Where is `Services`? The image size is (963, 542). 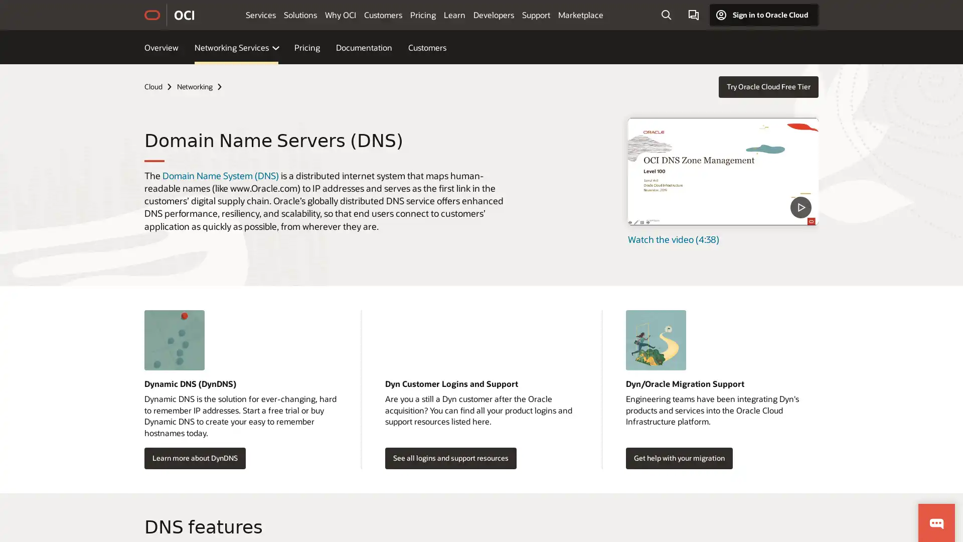
Services is located at coordinates (260, 15).